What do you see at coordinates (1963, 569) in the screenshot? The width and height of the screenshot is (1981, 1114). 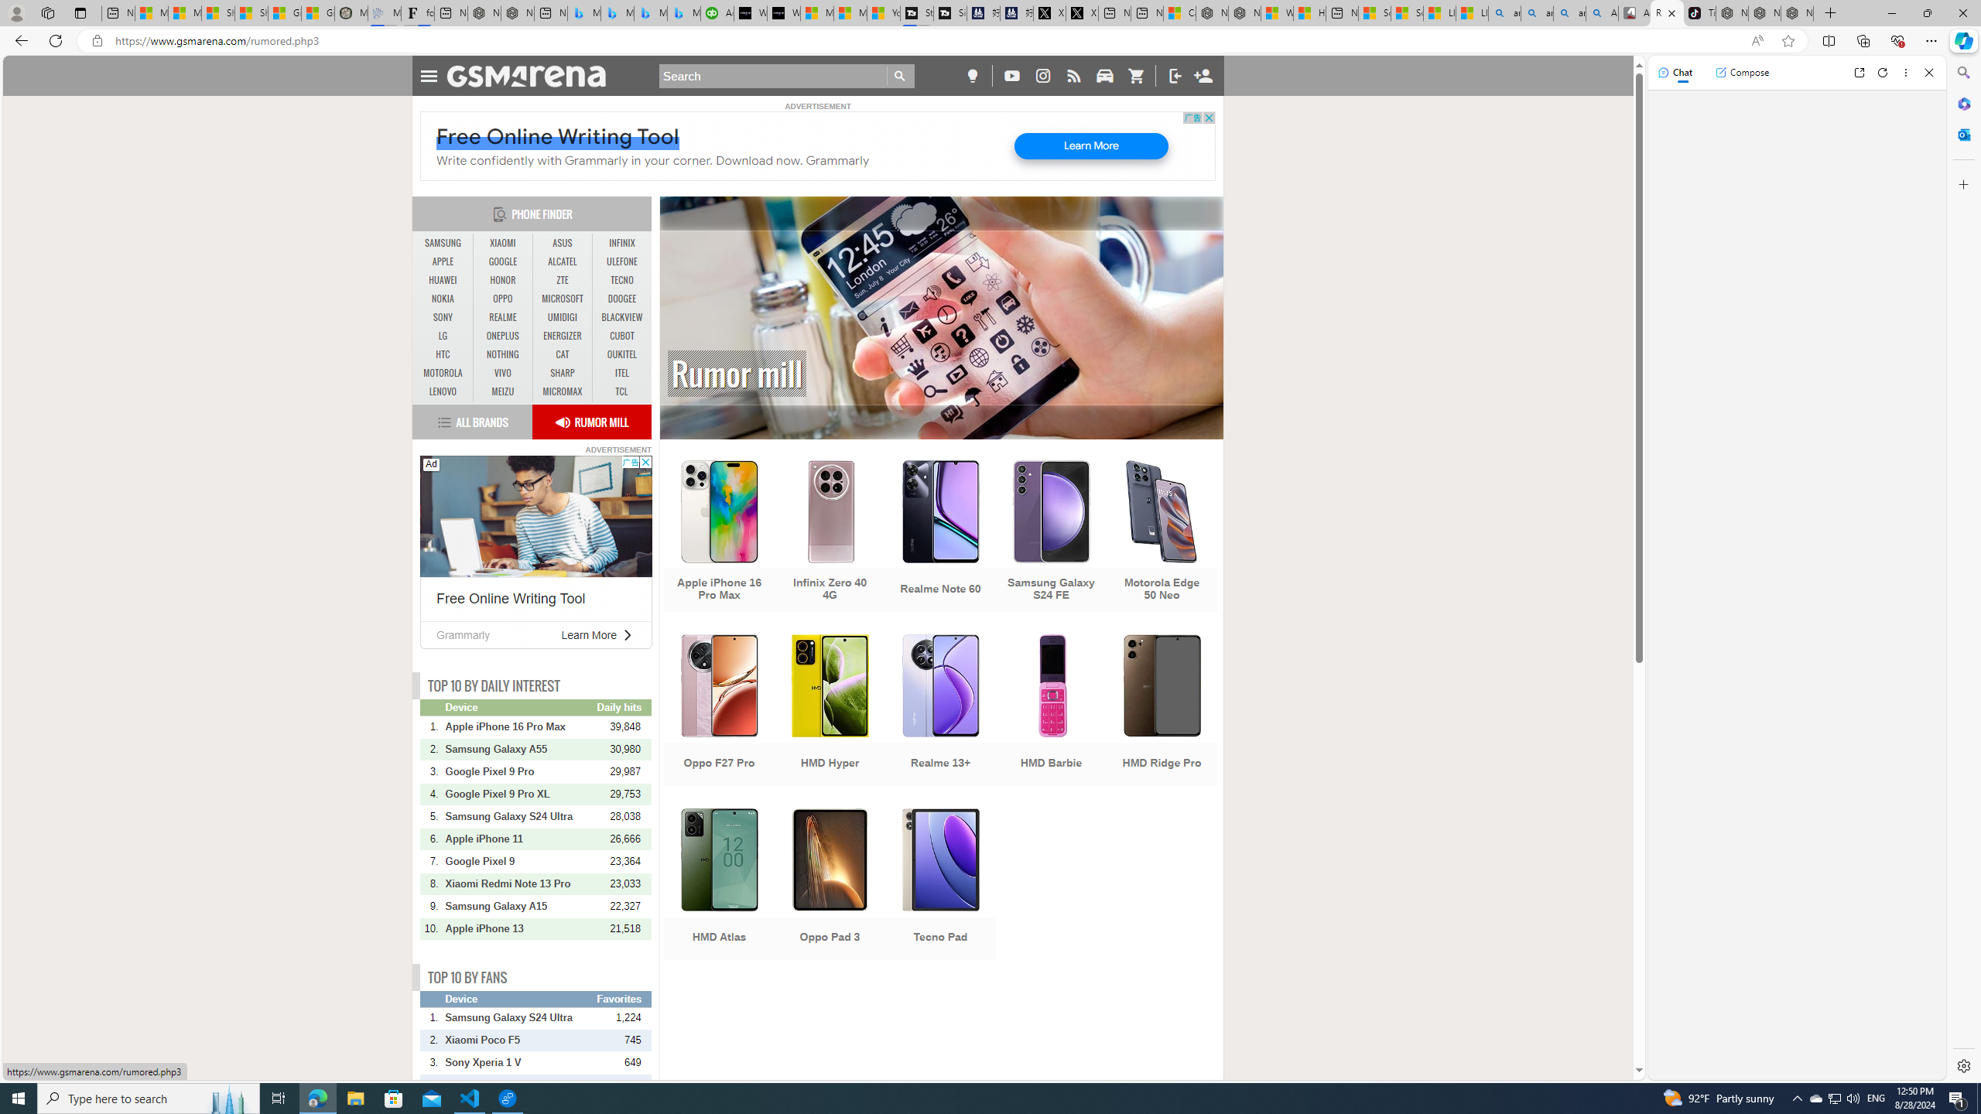 I see `'Side bar'` at bounding box center [1963, 569].